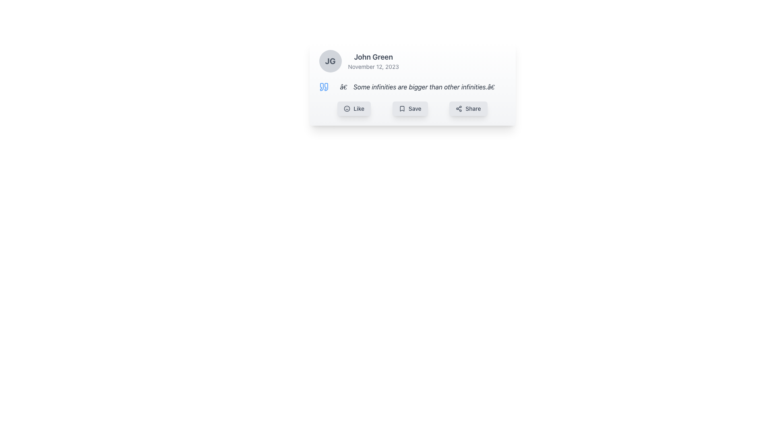 This screenshot has height=435, width=773. What do you see at coordinates (347, 109) in the screenshot?
I see `the circular vector graphic within the SVG icon of the 'Like' button, which is part of the smiley face graphic` at bounding box center [347, 109].